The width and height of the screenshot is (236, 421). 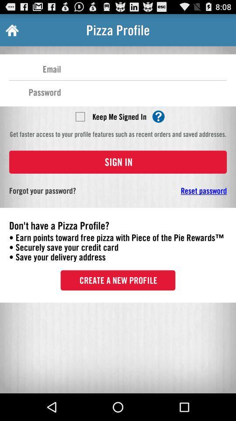 What do you see at coordinates (158, 124) in the screenshot?
I see `the help icon` at bounding box center [158, 124].